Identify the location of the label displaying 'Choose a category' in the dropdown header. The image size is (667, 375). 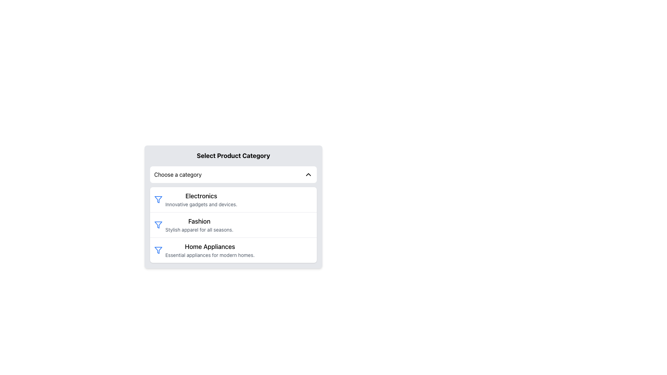
(178, 174).